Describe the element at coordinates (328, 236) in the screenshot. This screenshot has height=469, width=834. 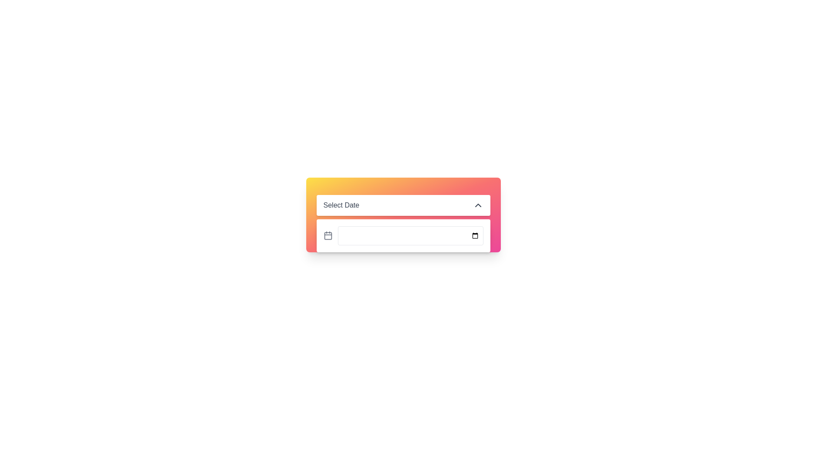
I see `the calendar icon located on the left of the date input field` at that location.